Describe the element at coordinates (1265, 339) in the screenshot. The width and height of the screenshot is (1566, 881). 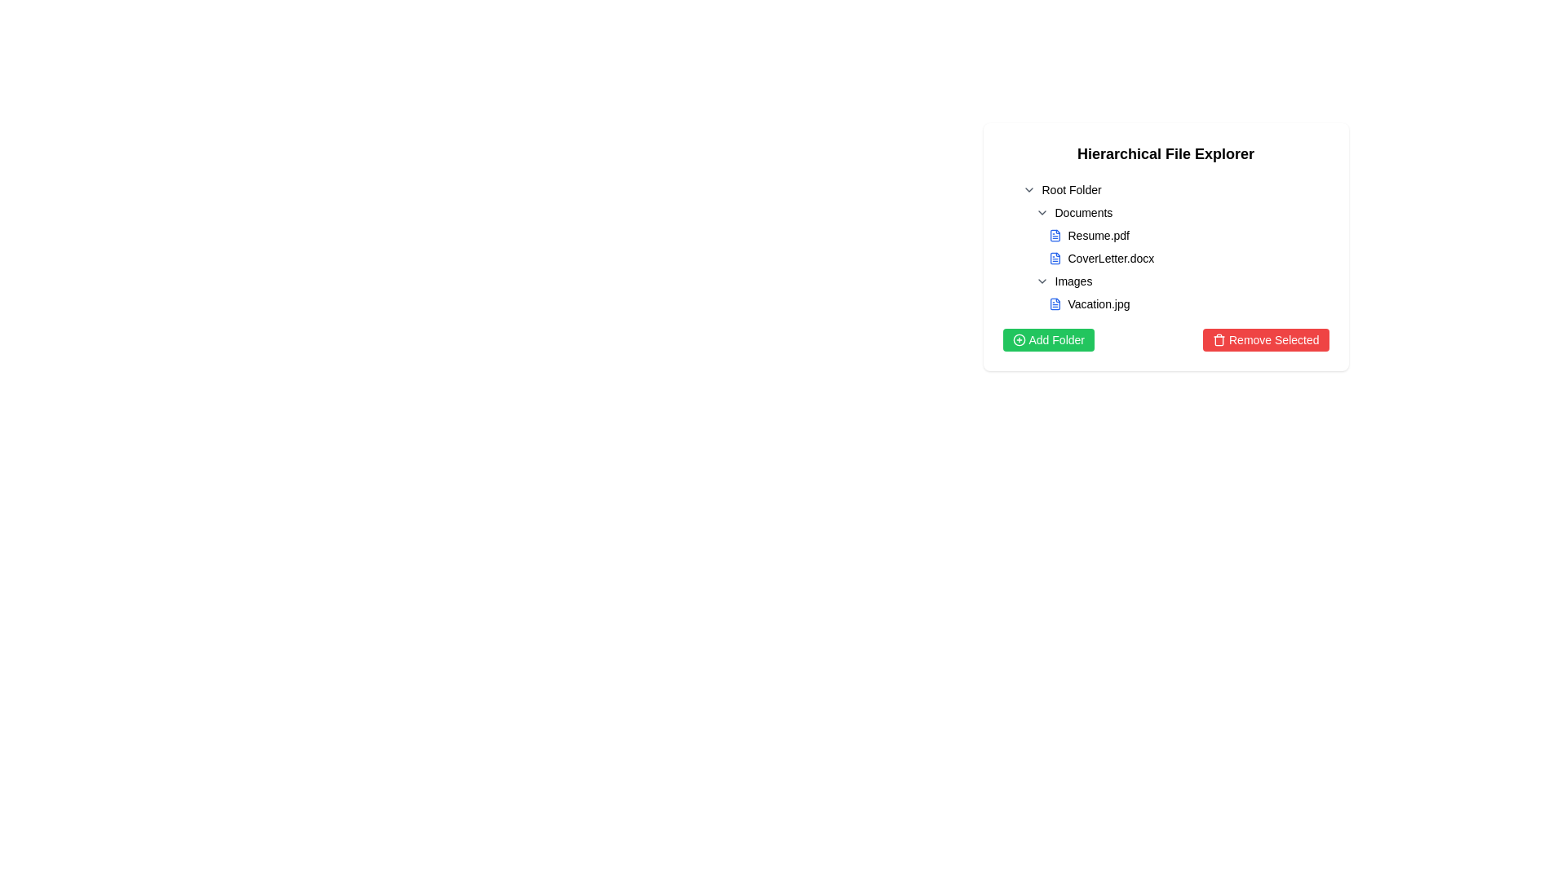
I see `the 'Remove Selected' button, which is a rectangular button with a red background and white text, located at the bottom right of the hierarchical file explorer UI` at that location.